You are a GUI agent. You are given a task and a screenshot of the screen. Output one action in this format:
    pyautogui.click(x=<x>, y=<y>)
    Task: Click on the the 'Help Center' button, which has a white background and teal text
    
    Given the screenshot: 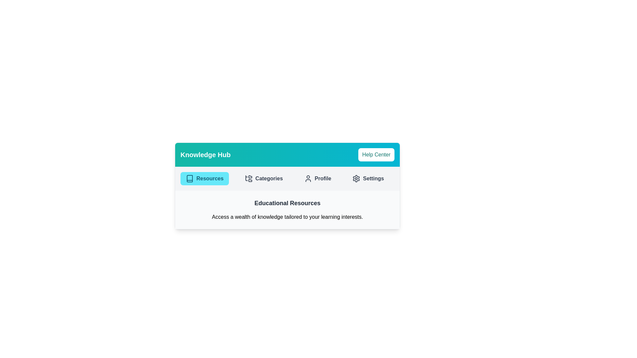 What is the action you would take?
    pyautogui.click(x=376, y=154)
    